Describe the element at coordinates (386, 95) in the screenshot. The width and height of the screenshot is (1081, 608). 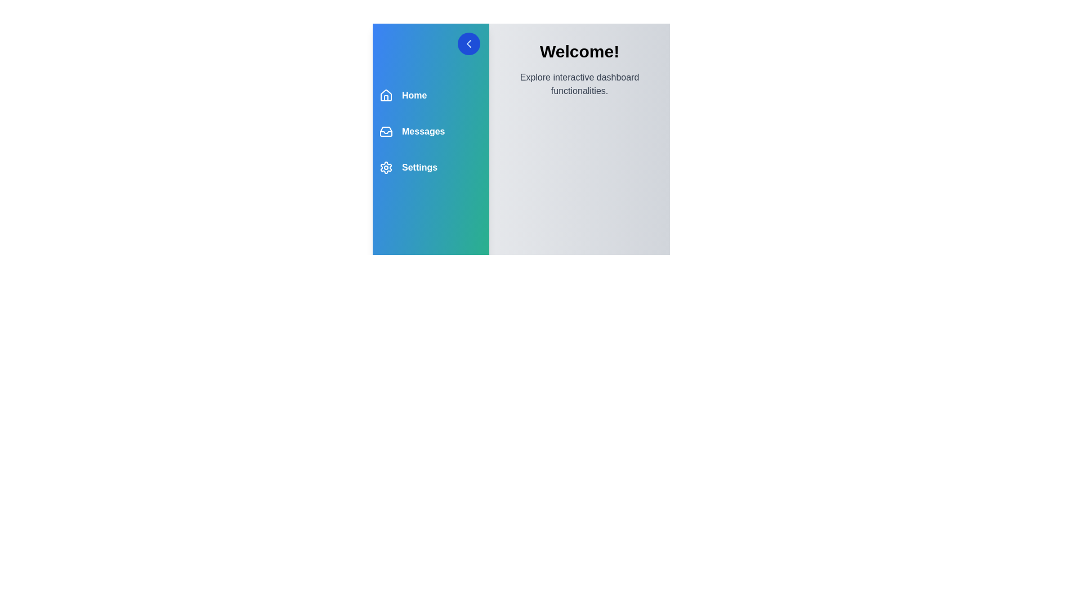
I see `the house icon in the vertical navigation menu labeled 'Home', which is located at the top of the left panel, above 'Messages' and 'Settings'` at that location.